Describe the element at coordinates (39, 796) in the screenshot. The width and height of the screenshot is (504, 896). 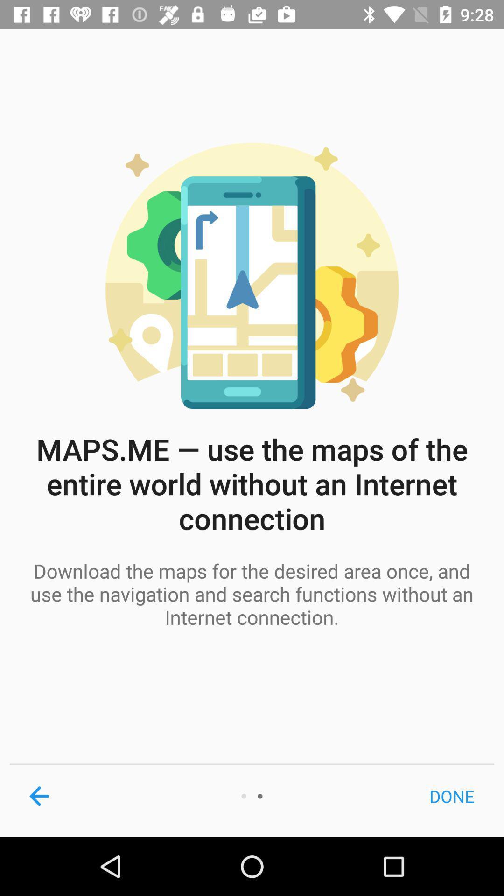
I see `icon at the bottom left corner` at that location.